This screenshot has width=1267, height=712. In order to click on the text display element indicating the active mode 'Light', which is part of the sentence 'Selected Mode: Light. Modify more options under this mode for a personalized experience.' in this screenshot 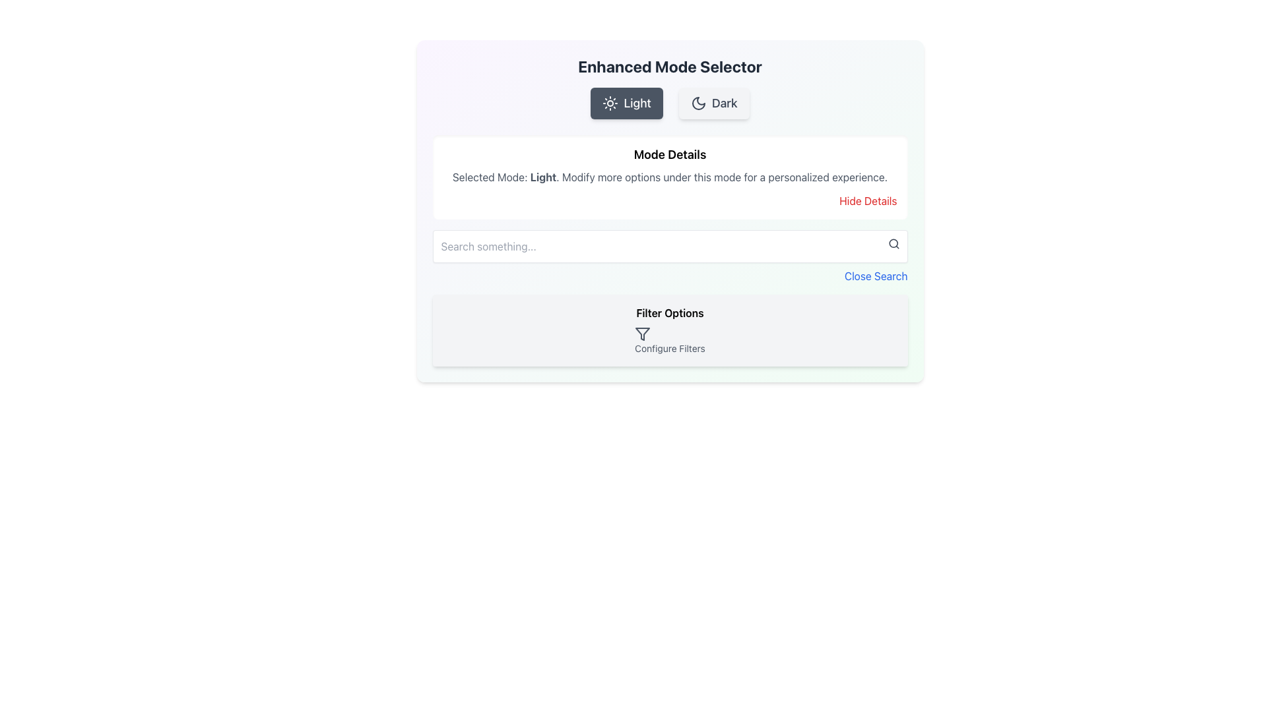, I will do `click(543, 177)`.